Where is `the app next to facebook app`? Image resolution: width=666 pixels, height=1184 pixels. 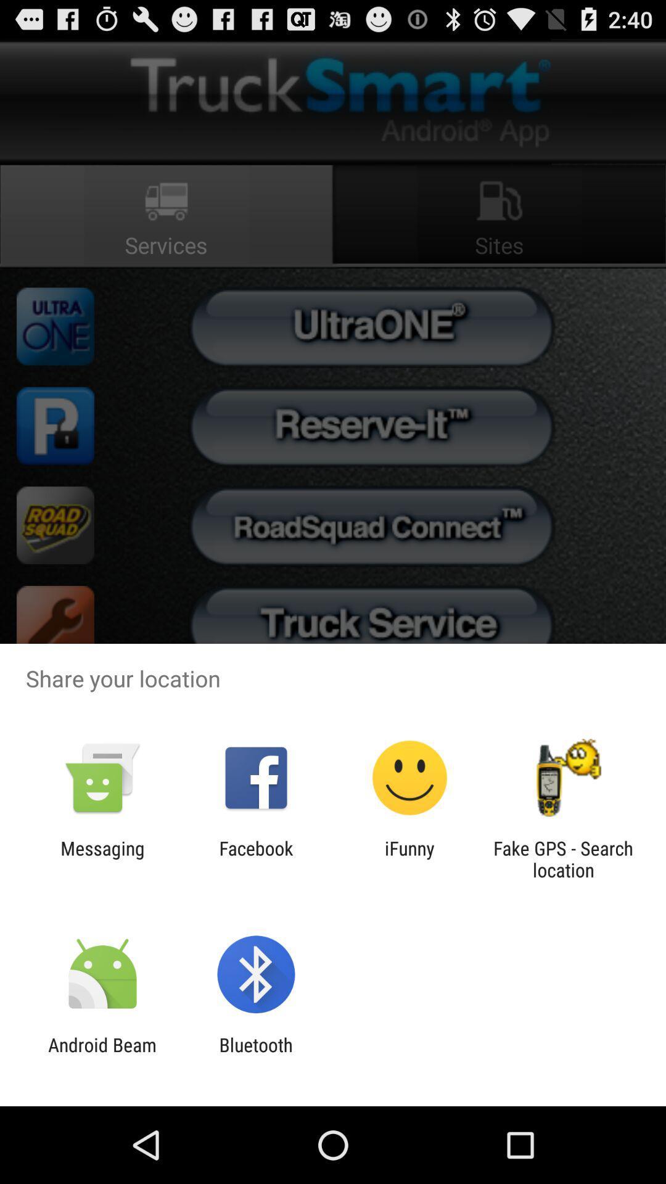
the app next to facebook app is located at coordinates (409, 858).